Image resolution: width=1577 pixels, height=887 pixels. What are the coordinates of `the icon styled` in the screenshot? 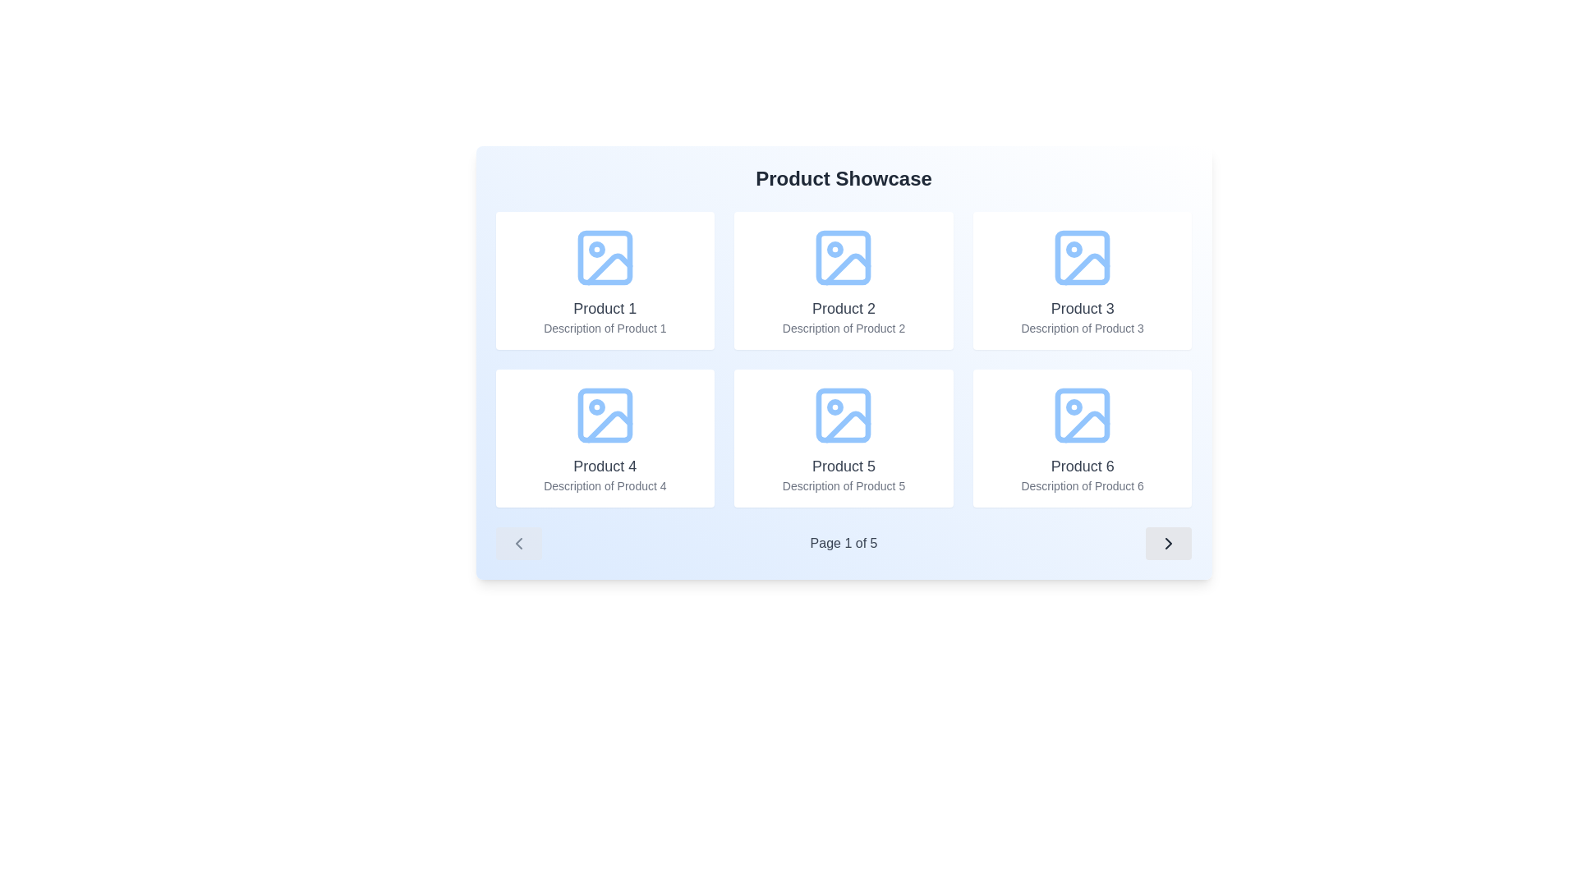 It's located at (1083, 414).